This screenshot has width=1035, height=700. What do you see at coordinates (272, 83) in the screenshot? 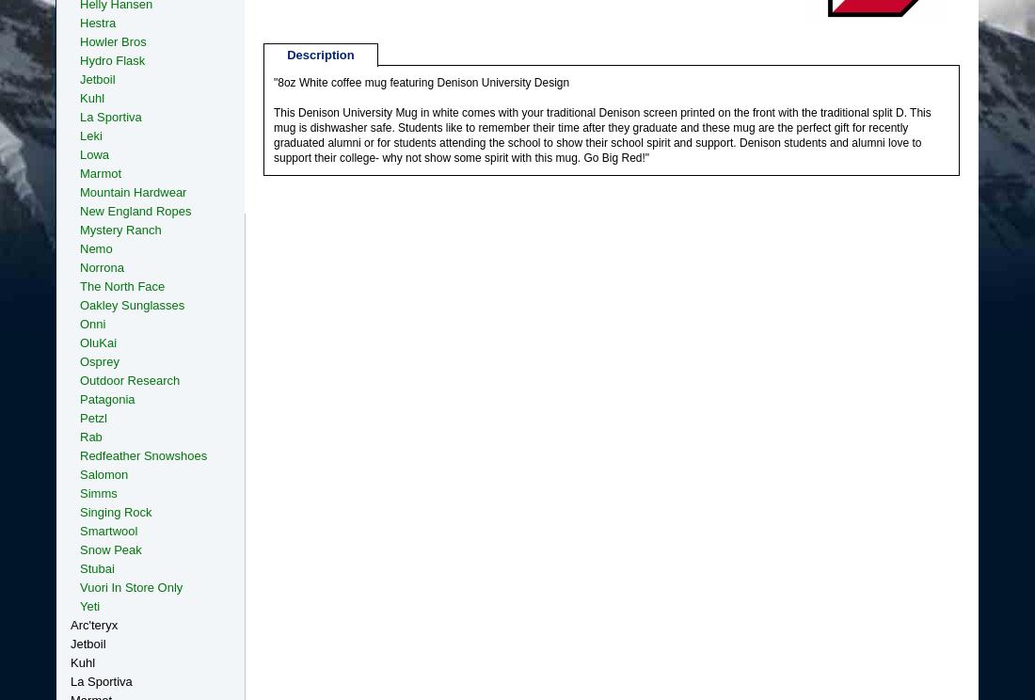
I see `'"8oz White coffee mug featuring Denison University Design'` at bounding box center [272, 83].